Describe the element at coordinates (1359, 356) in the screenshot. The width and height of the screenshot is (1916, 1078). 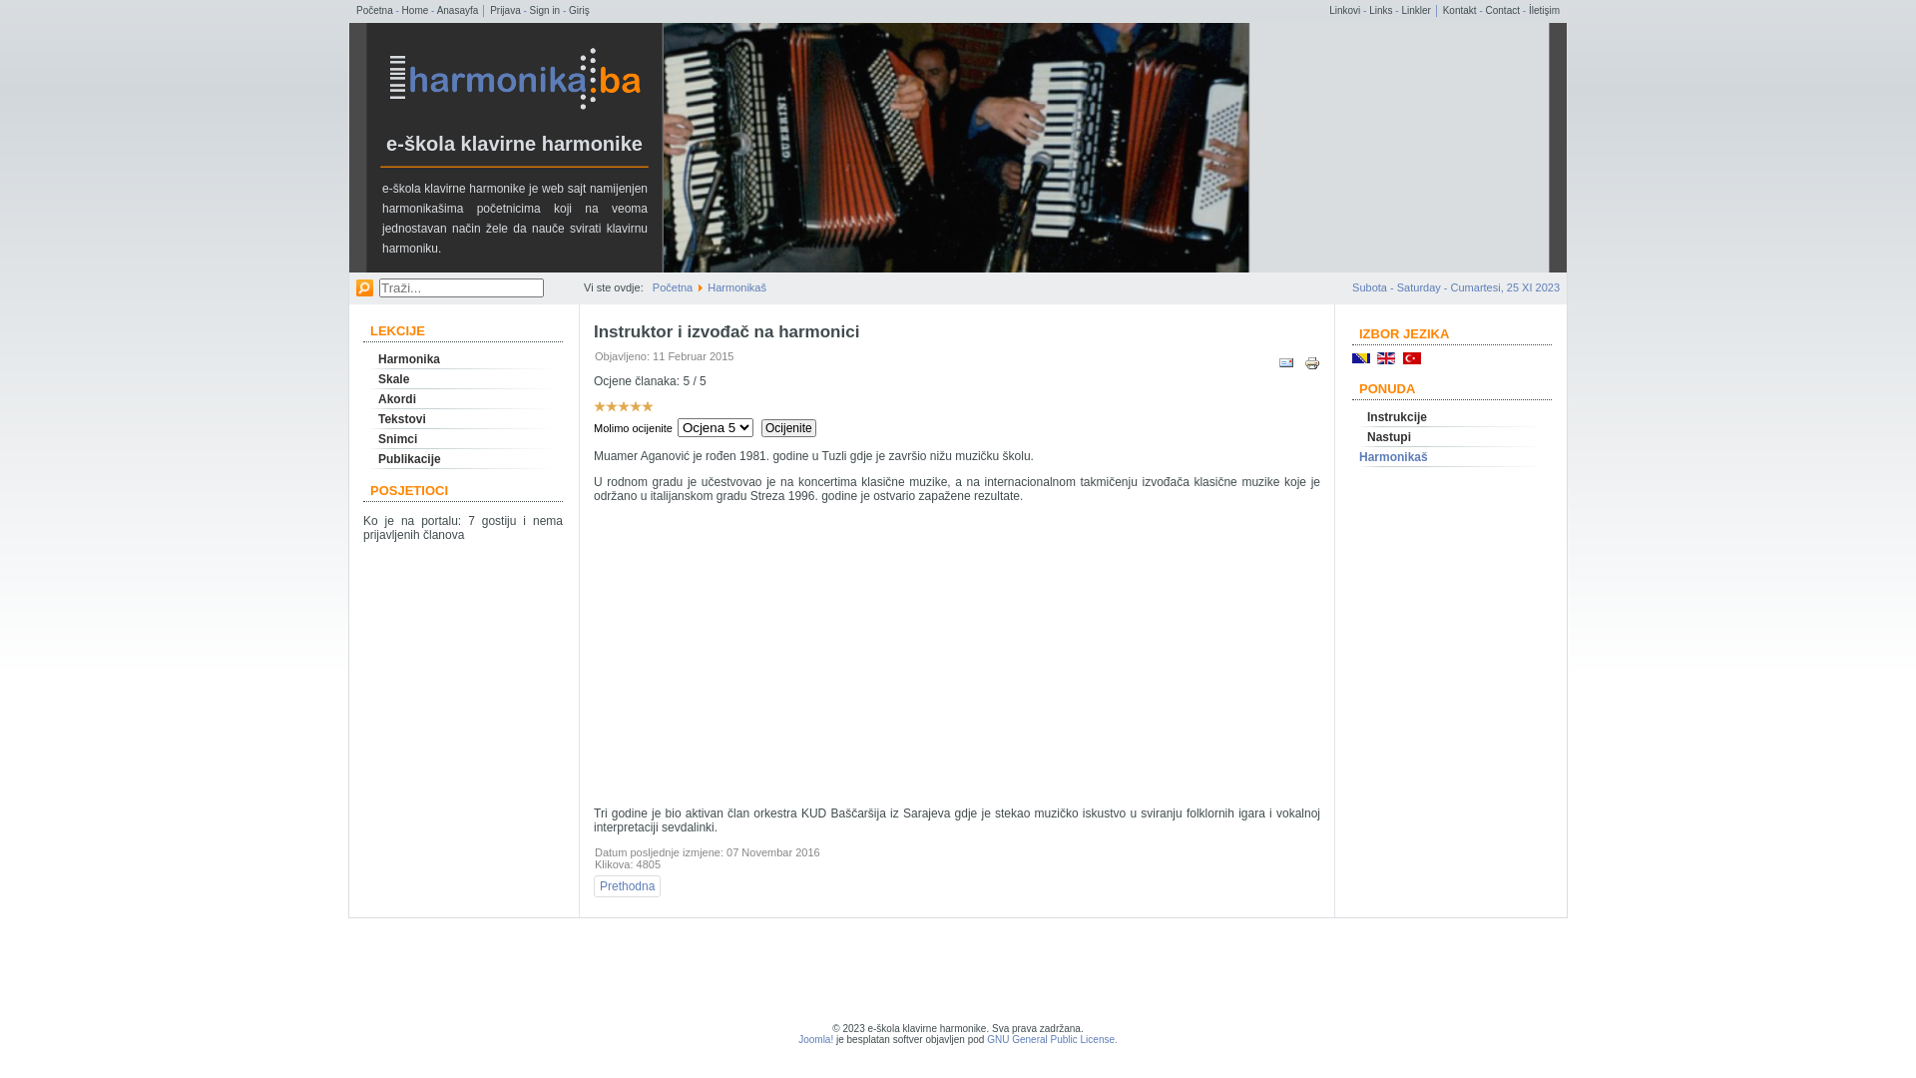
I see `'Bosanski (BiH)'` at that location.